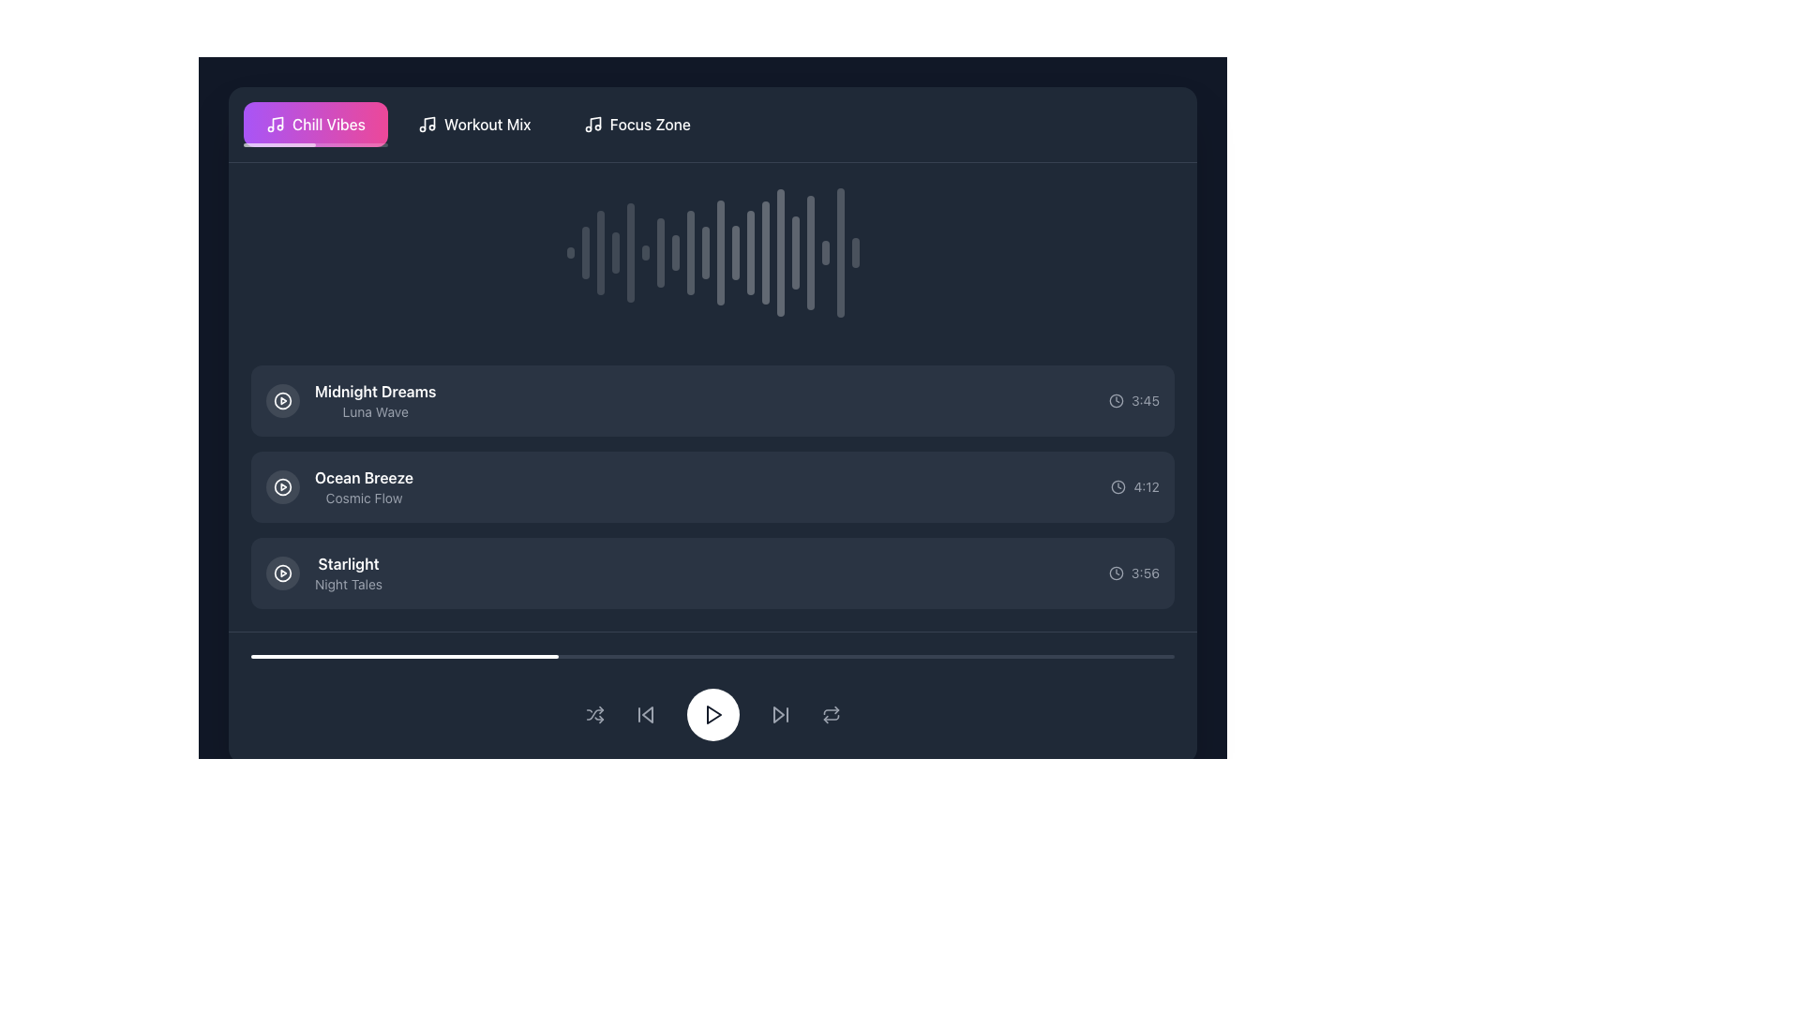 The width and height of the screenshot is (1800, 1012). Describe the element at coordinates (645, 253) in the screenshot. I see `the sixth vertical bar from the left in the audio visualizer at the top-center of the playback interface` at that location.